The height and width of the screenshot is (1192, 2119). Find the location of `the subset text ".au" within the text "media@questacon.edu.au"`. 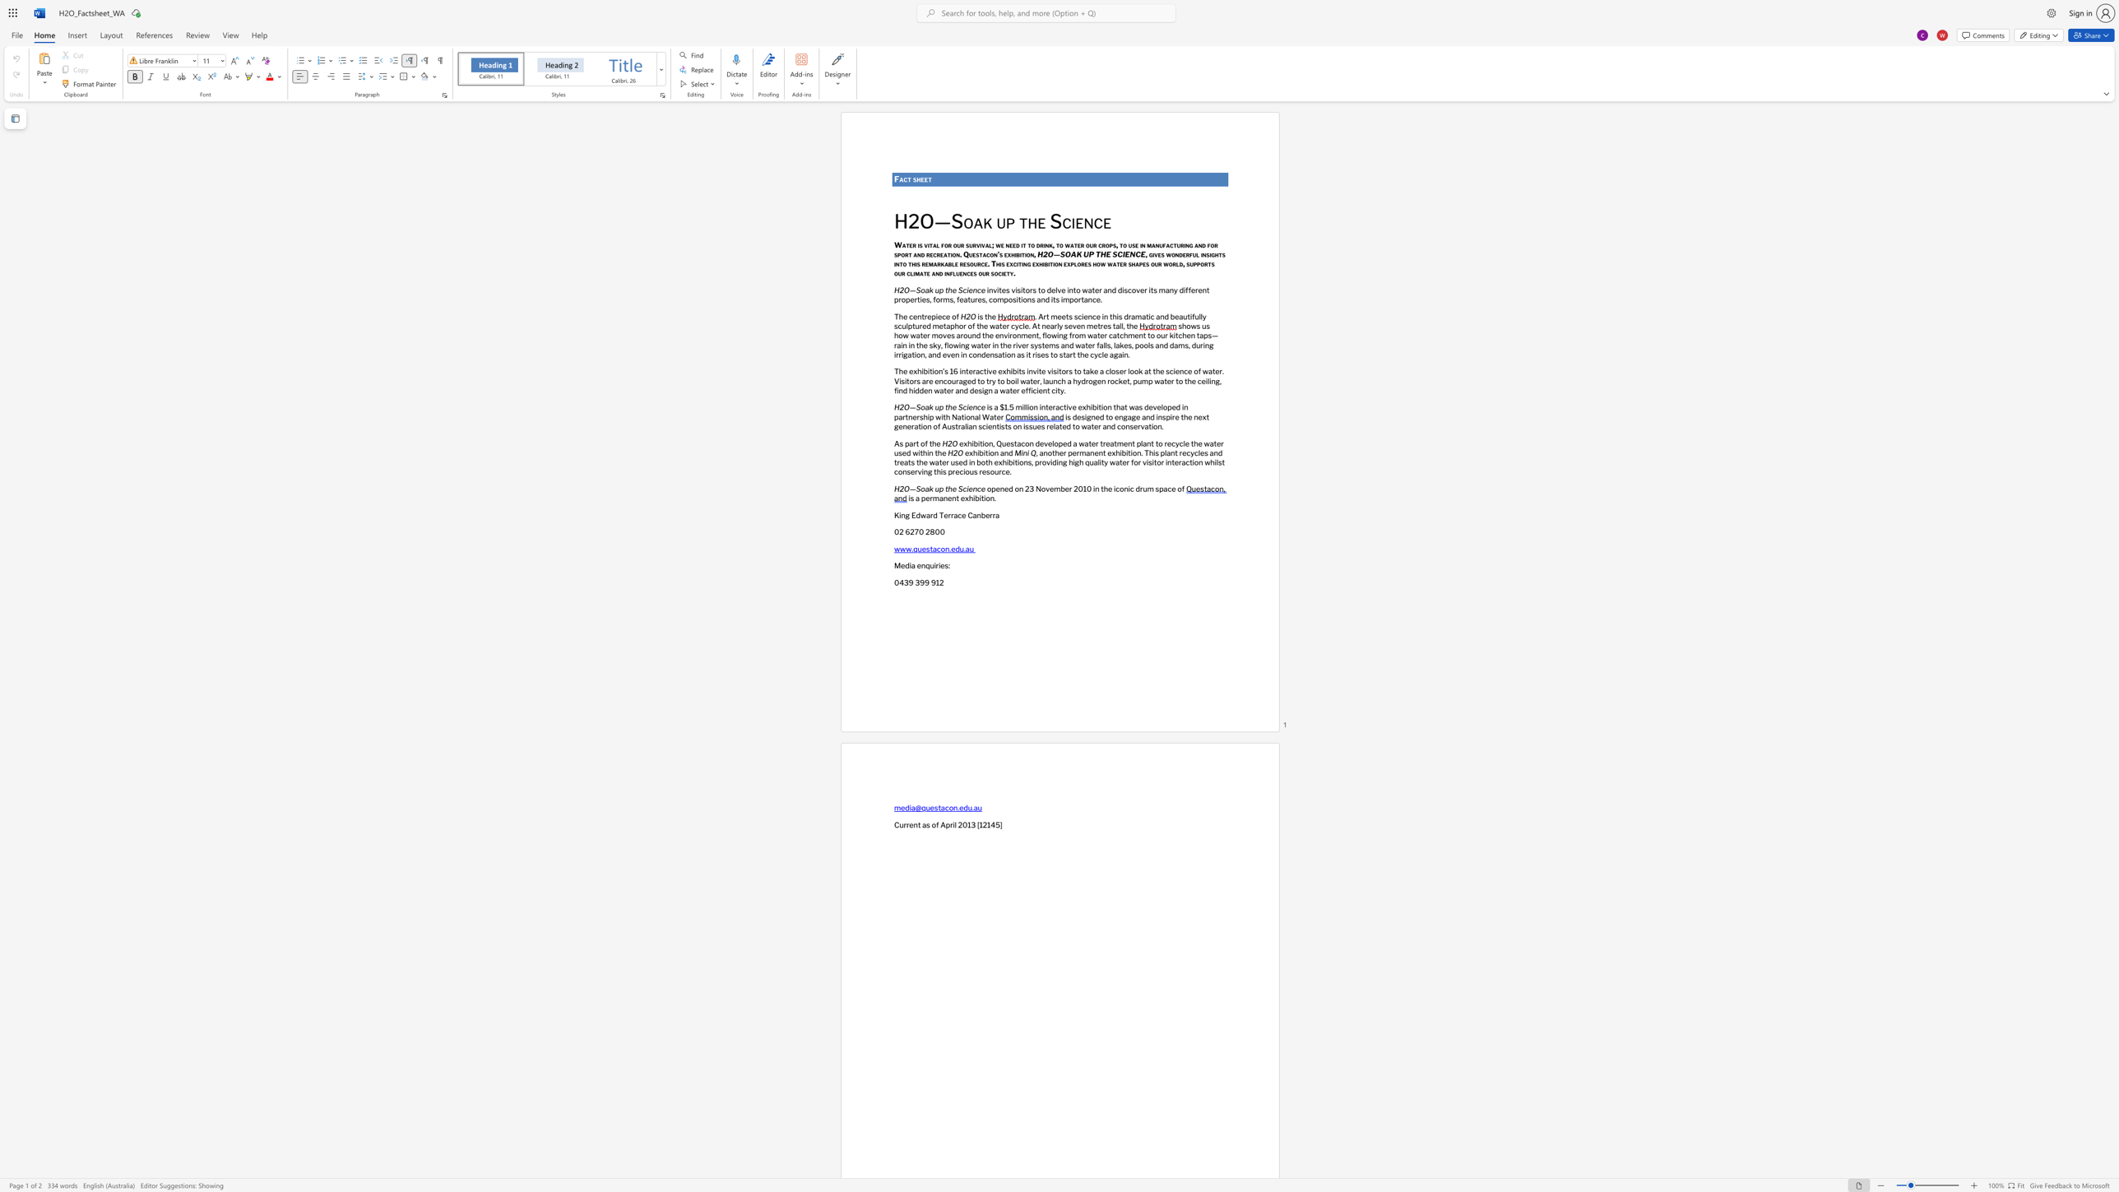

the subset text ".au" within the text "media@questacon.edu.au" is located at coordinates (971, 808).